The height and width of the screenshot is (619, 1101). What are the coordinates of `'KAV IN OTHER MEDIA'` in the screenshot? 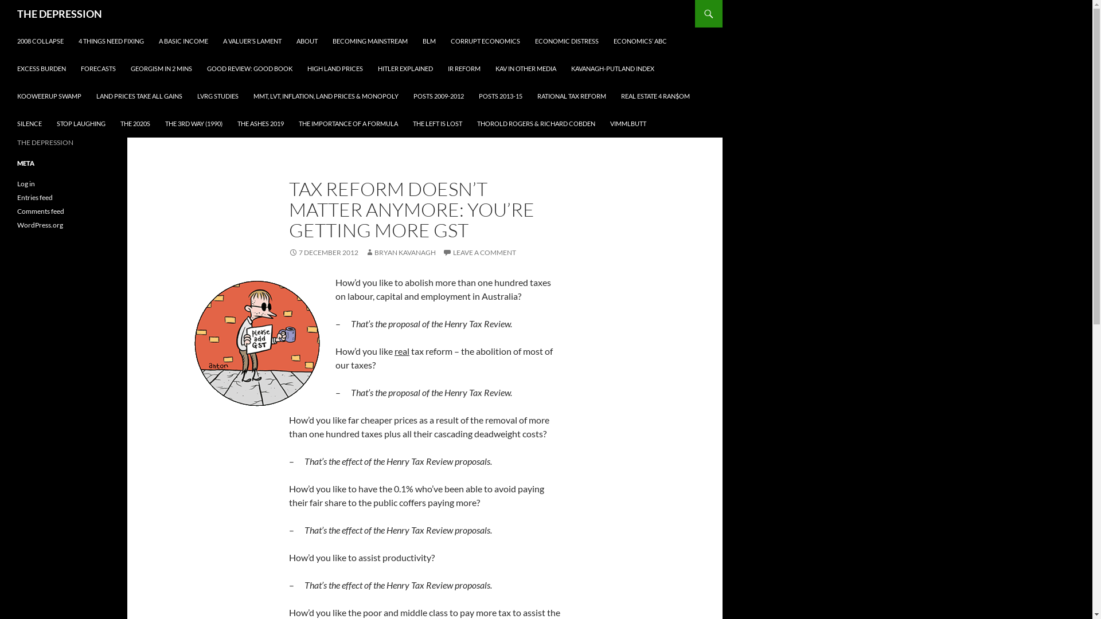 It's located at (525, 68).